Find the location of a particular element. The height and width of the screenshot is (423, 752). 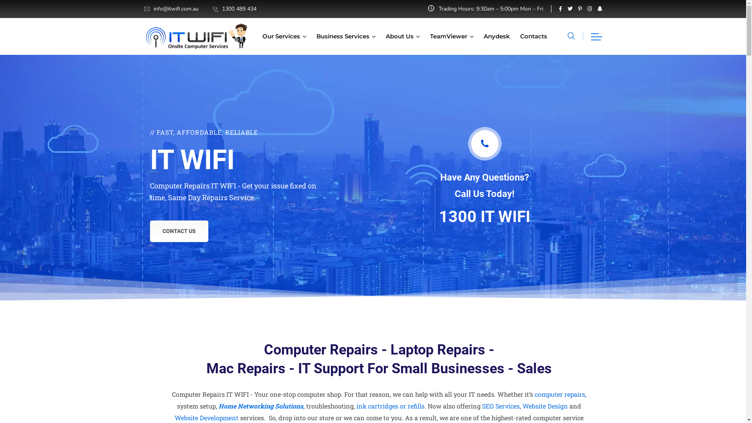

'Website Development' is located at coordinates (206, 417).